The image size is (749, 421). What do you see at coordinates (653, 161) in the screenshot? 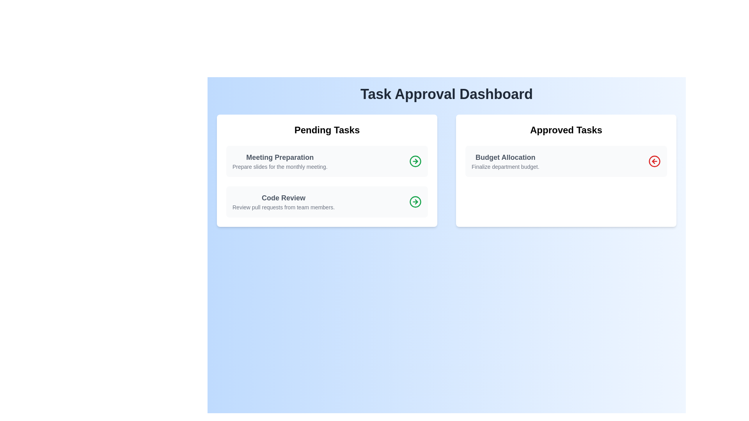
I see `the left-pointing arrowhead of the SVG icon located in the top-right corner of the 'Approved Tasks' card` at bounding box center [653, 161].